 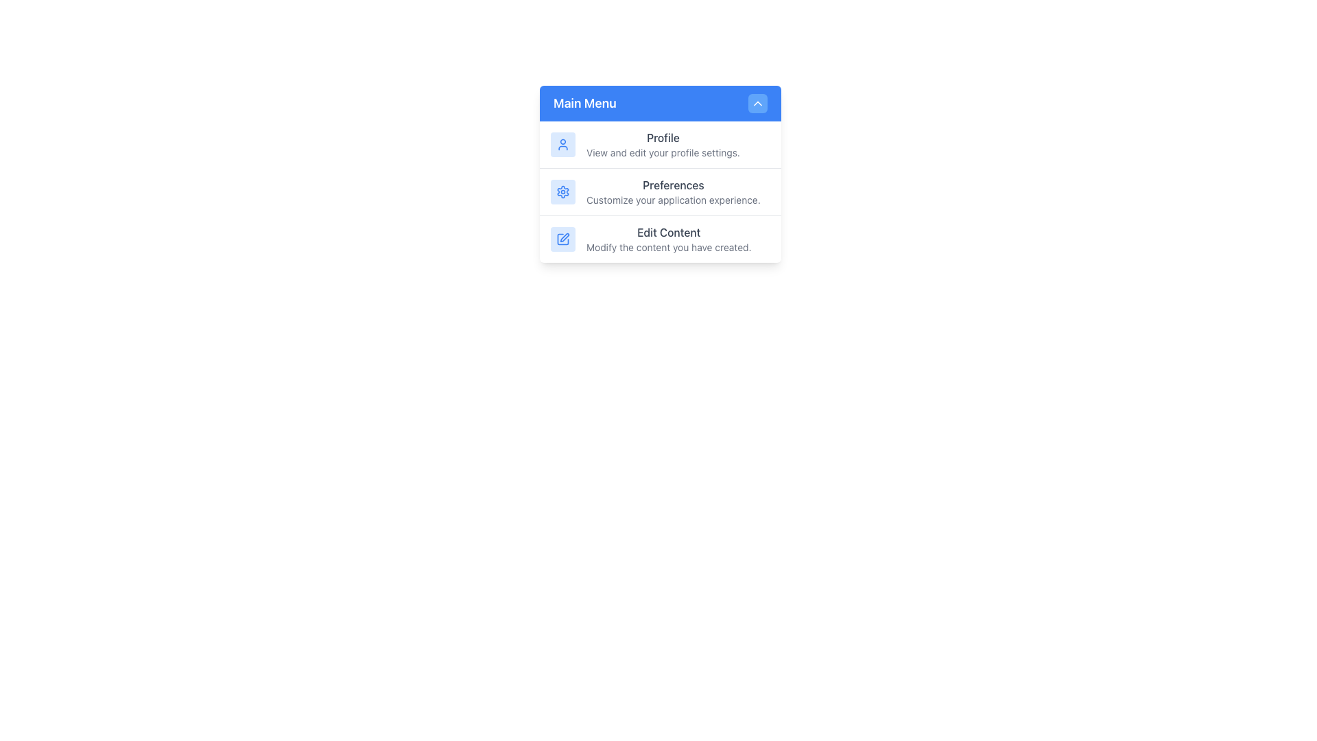 I want to click on the upward-pointing chevron icon button located at the top-right corner of the 'Main Menu' panel, so click(x=757, y=102).